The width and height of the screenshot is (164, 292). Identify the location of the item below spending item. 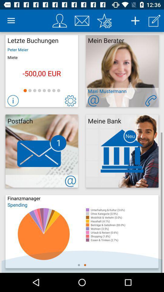
(124, 210).